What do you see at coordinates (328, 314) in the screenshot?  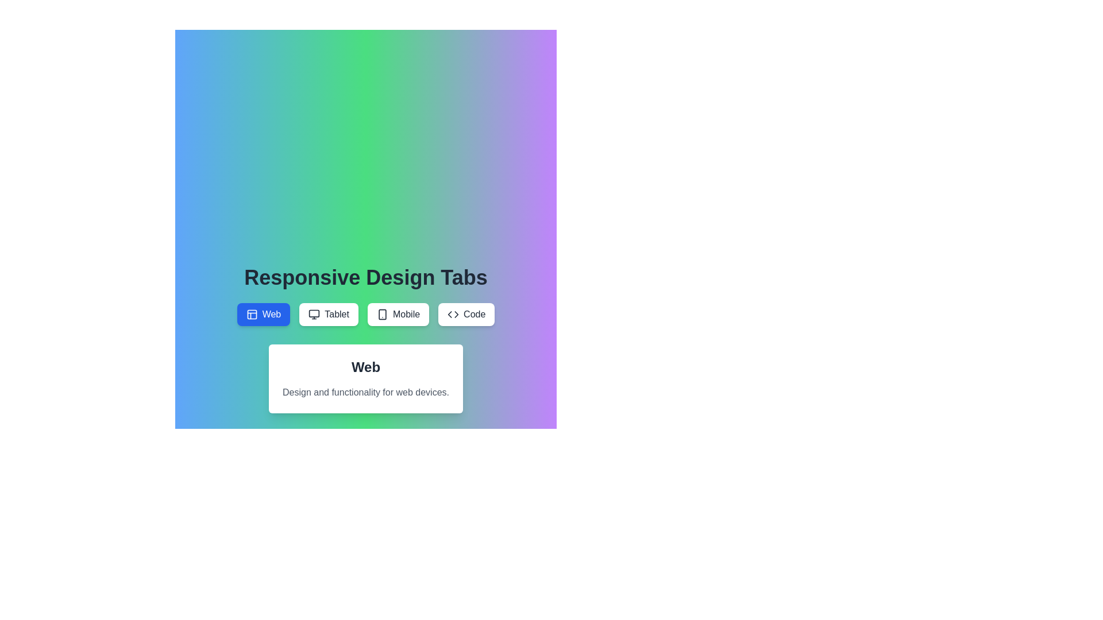 I see `the Tablet tab to switch to its content` at bounding box center [328, 314].